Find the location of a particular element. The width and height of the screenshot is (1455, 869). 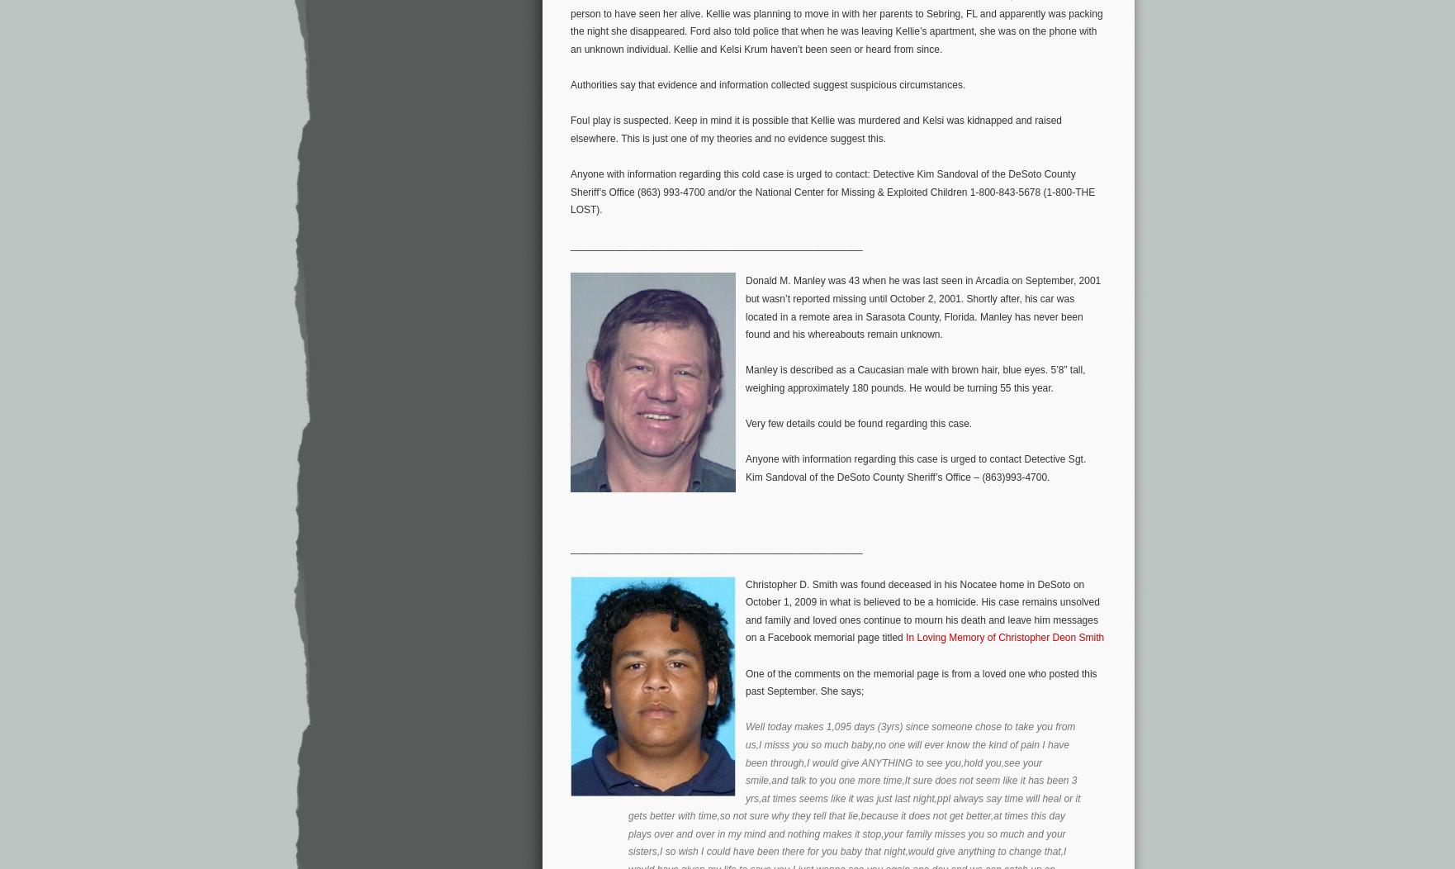

'In Loving Memory of Christopher Deon Smith' is located at coordinates (1005, 636).